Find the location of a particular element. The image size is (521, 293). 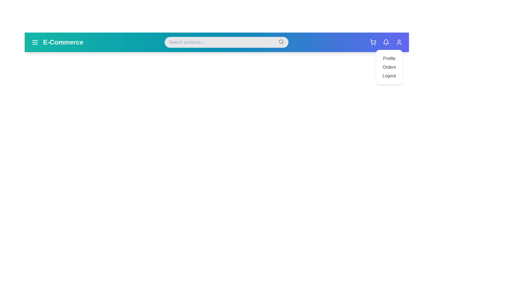

the user profile menu option Profile is located at coordinates (389, 59).